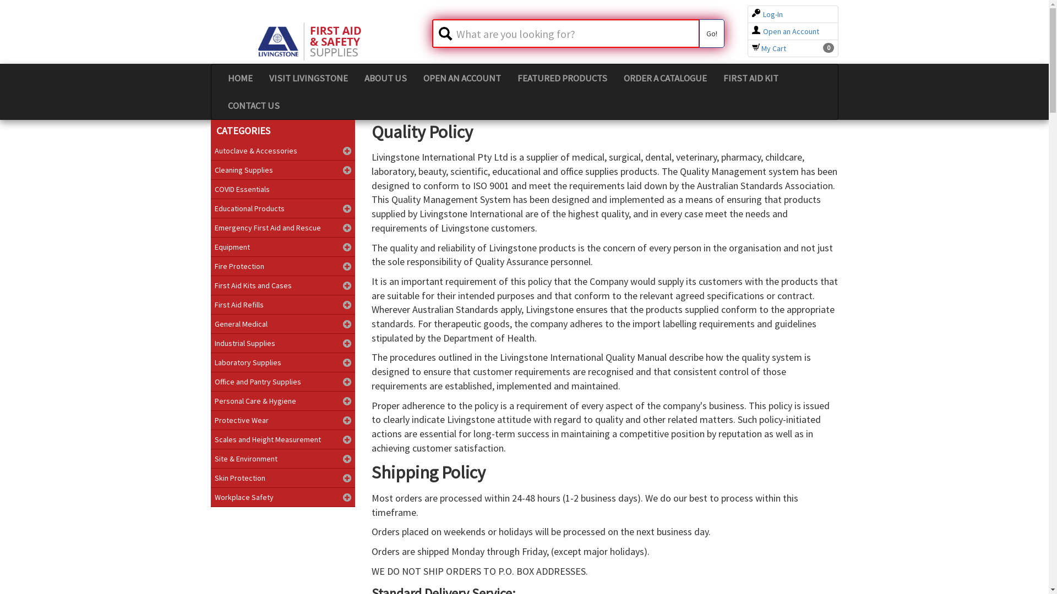 This screenshot has width=1057, height=594. I want to click on 'Open an Account', so click(751, 31).